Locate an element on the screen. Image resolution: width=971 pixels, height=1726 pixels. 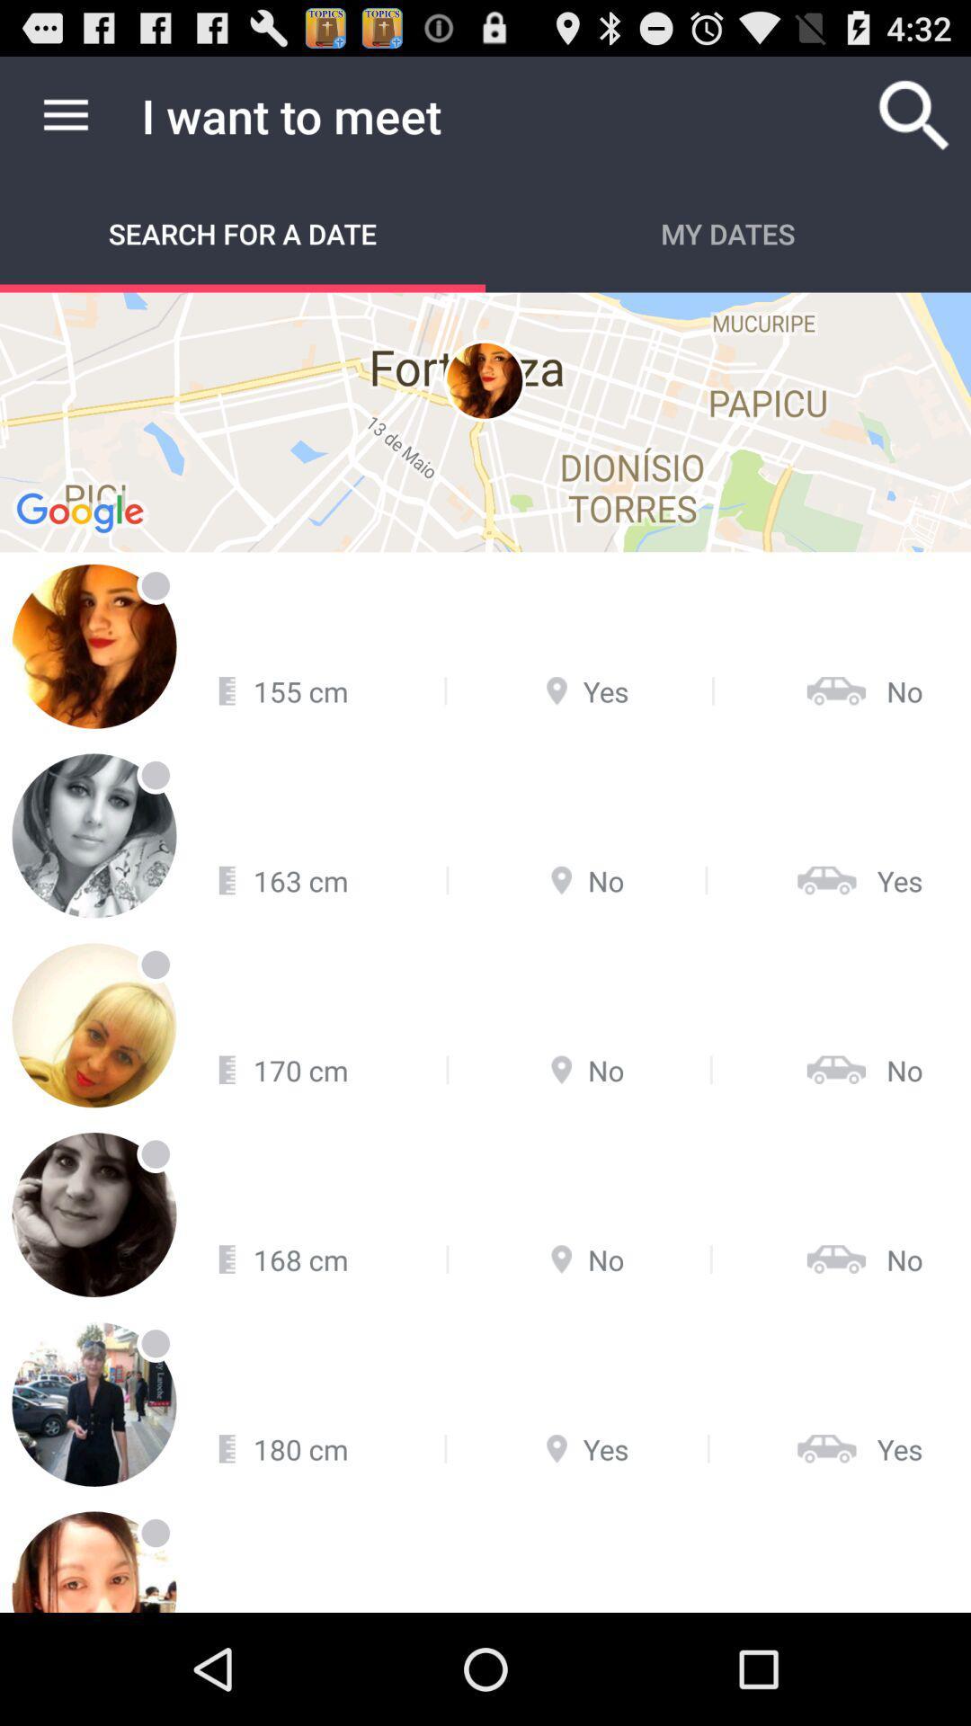
the icon to the left of the i want to icon is located at coordinates (65, 114).